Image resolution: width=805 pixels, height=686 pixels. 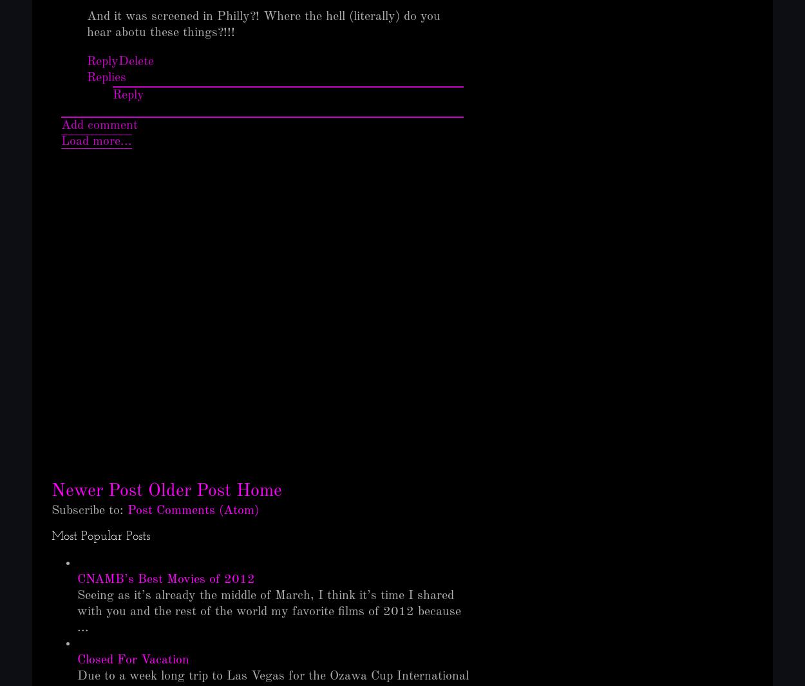 What do you see at coordinates (87, 24) in the screenshot?
I see `'And it was screened in Philly?! Where the hell (literally) do you hear abotu these things?!!!'` at bounding box center [87, 24].